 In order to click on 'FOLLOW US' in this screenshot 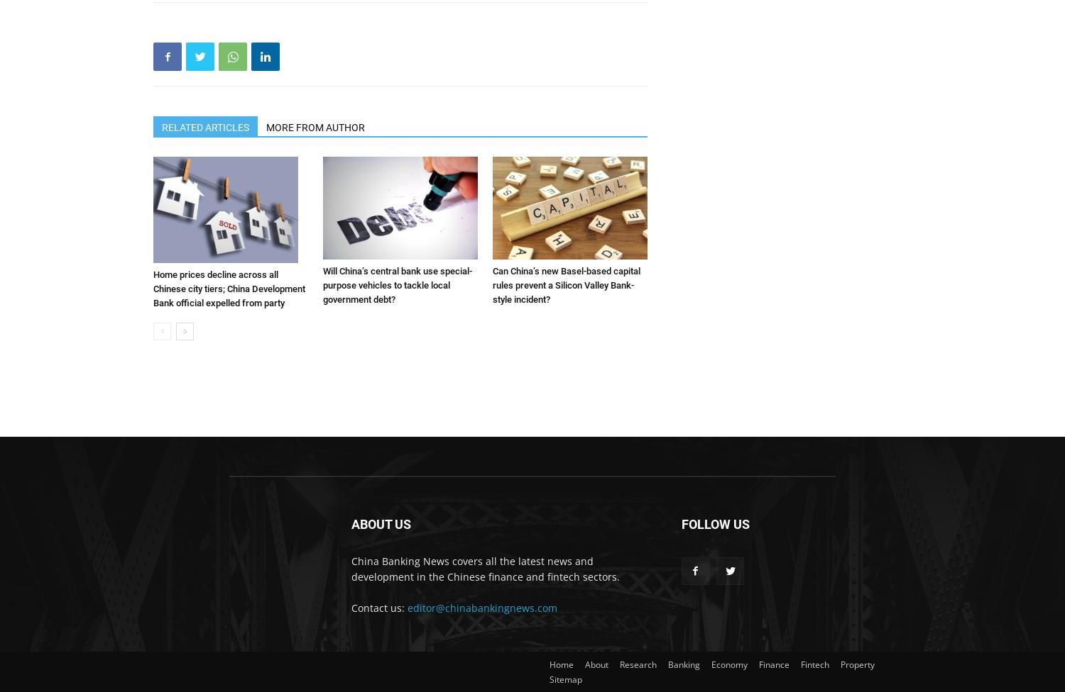, I will do `click(716, 523)`.